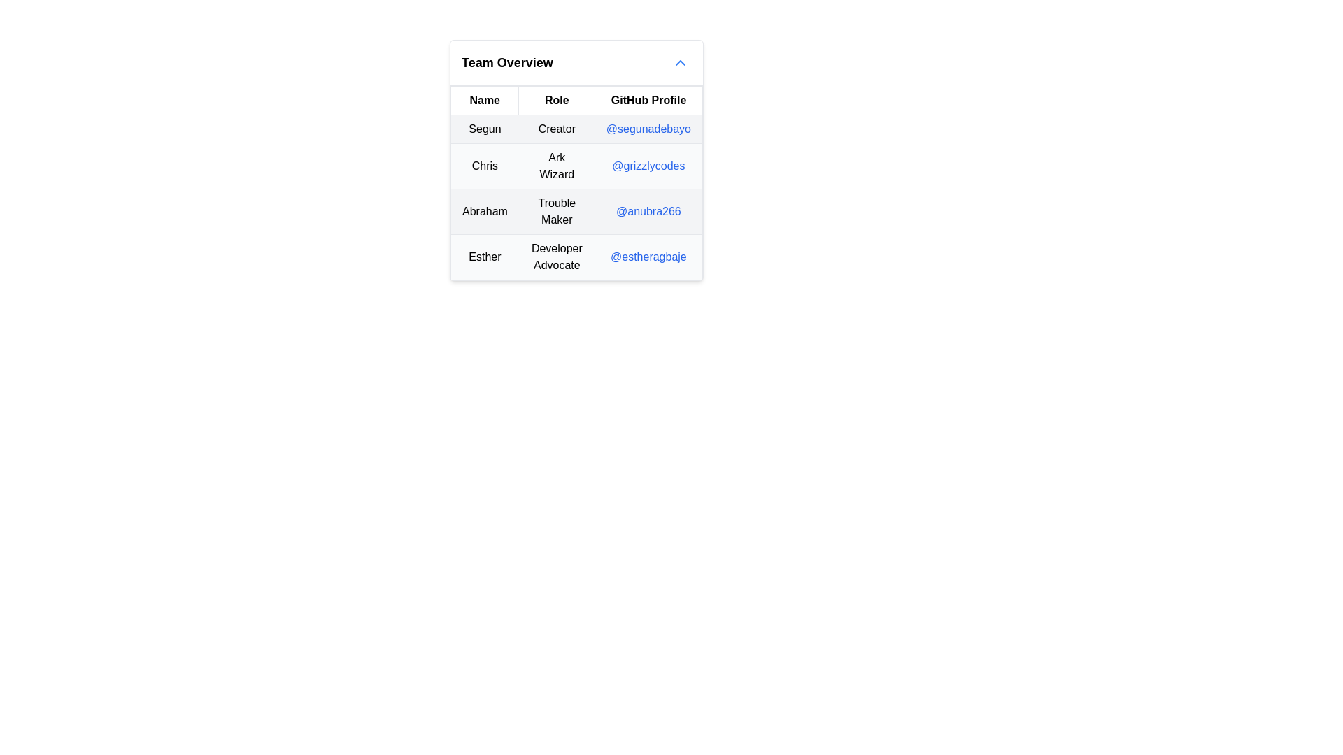  I want to click on the icon-shaped toggle button located in the top-right corner of the 'Team Overview' section header, adjacent to the text 'Team Overview', so click(681, 62).